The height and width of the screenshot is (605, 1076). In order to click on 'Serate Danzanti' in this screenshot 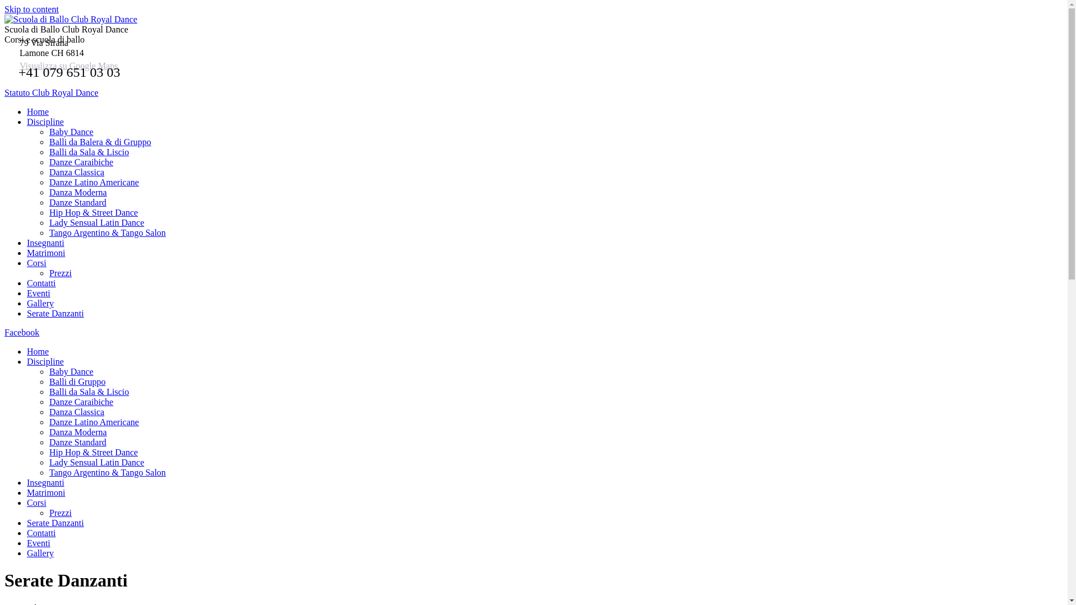, I will do `click(27, 523)`.